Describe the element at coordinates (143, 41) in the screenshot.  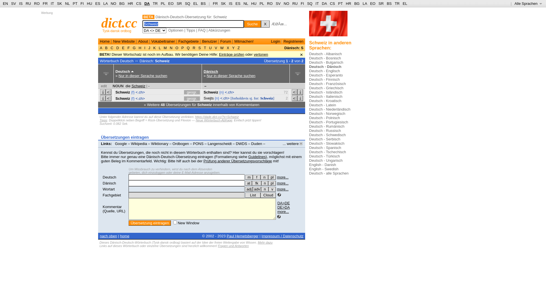
I see `'About'` at that location.